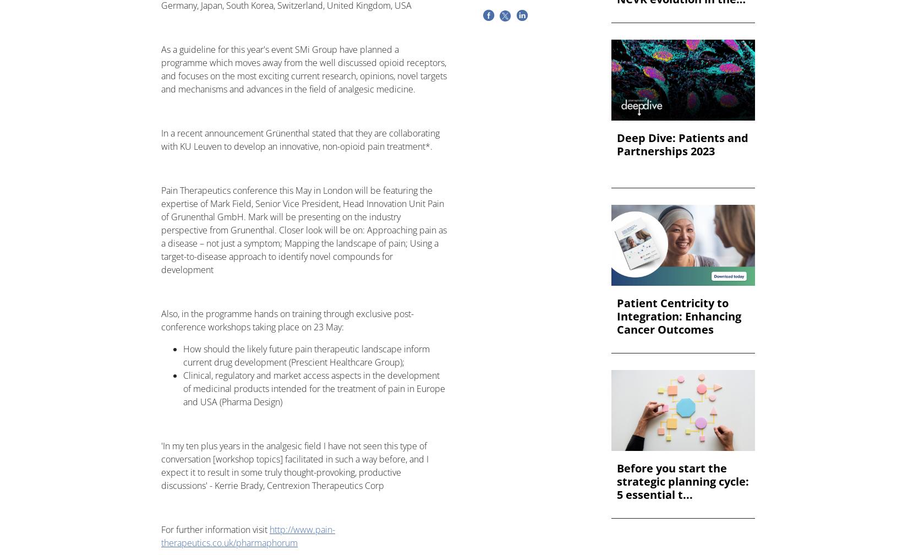  Describe the element at coordinates (679, 316) in the screenshot. I see `'Patient Centricity to Integration: Enhancing Cancer Outcomes'` at that location.